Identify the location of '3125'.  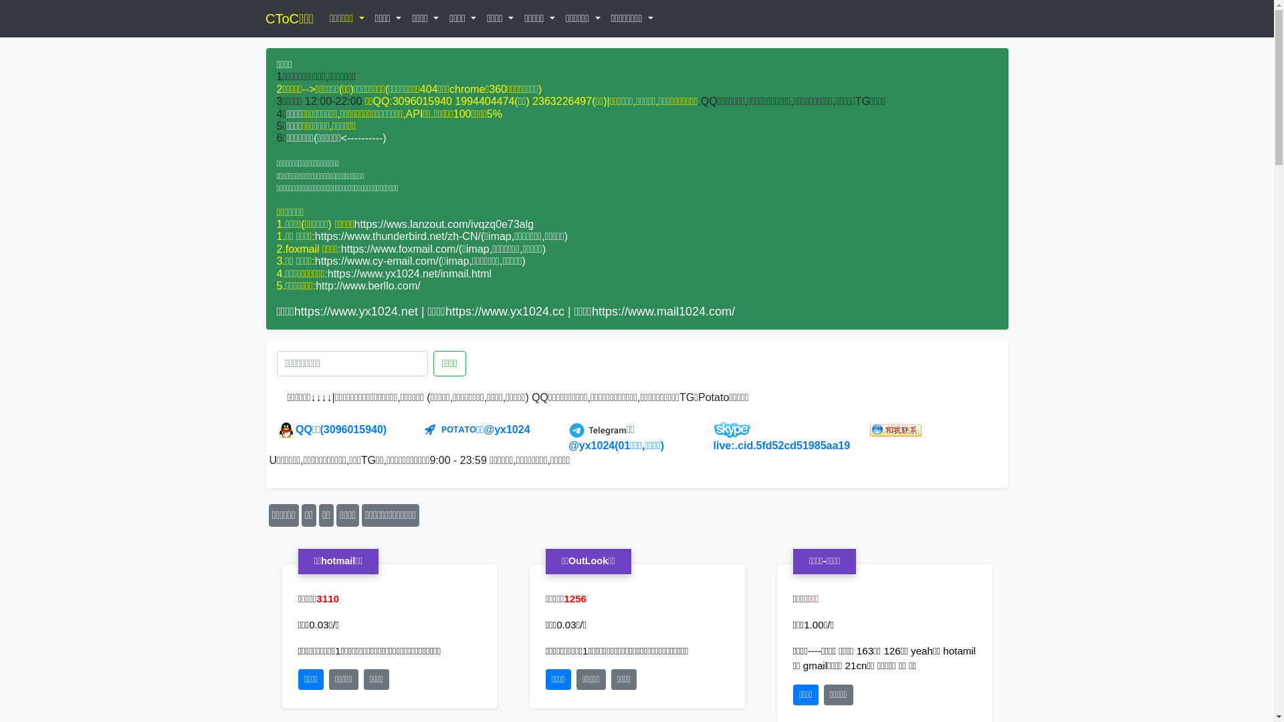
(327, 598).